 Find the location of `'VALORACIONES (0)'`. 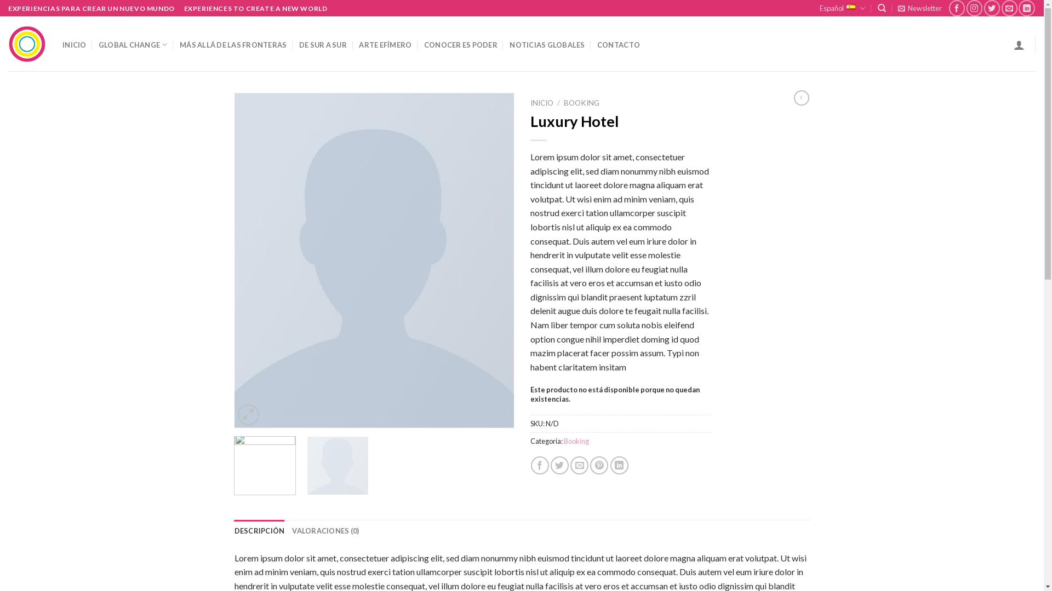

'VALORACIONES (0)' is located at coordinates (325, 530).